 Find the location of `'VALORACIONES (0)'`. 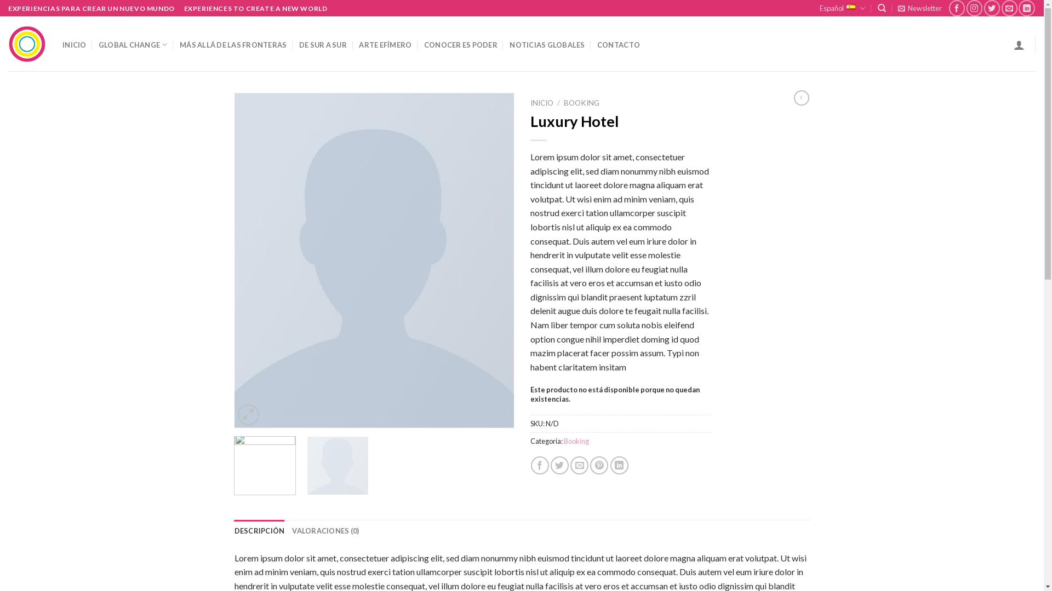

'VALORACIONES (0)' is located at coordinates (325, 530).